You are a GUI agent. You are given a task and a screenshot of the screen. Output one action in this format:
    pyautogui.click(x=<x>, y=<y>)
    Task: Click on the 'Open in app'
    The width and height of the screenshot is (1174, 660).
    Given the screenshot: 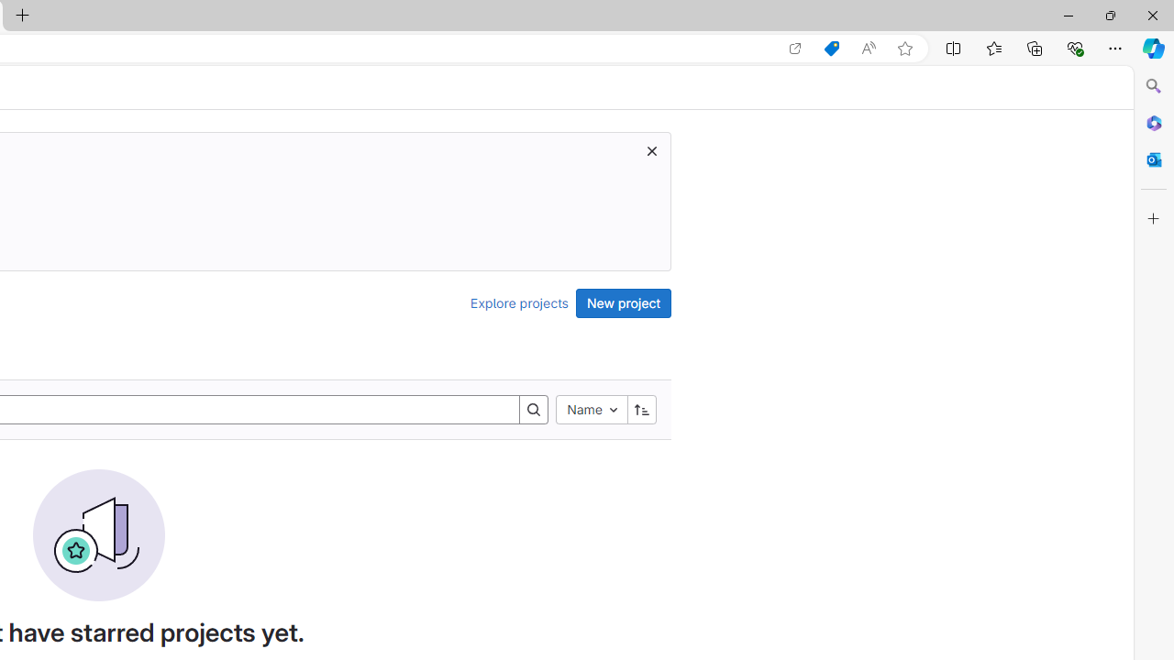 What is the action you would take?
    pyautogui.click(x=795, y=48)
    